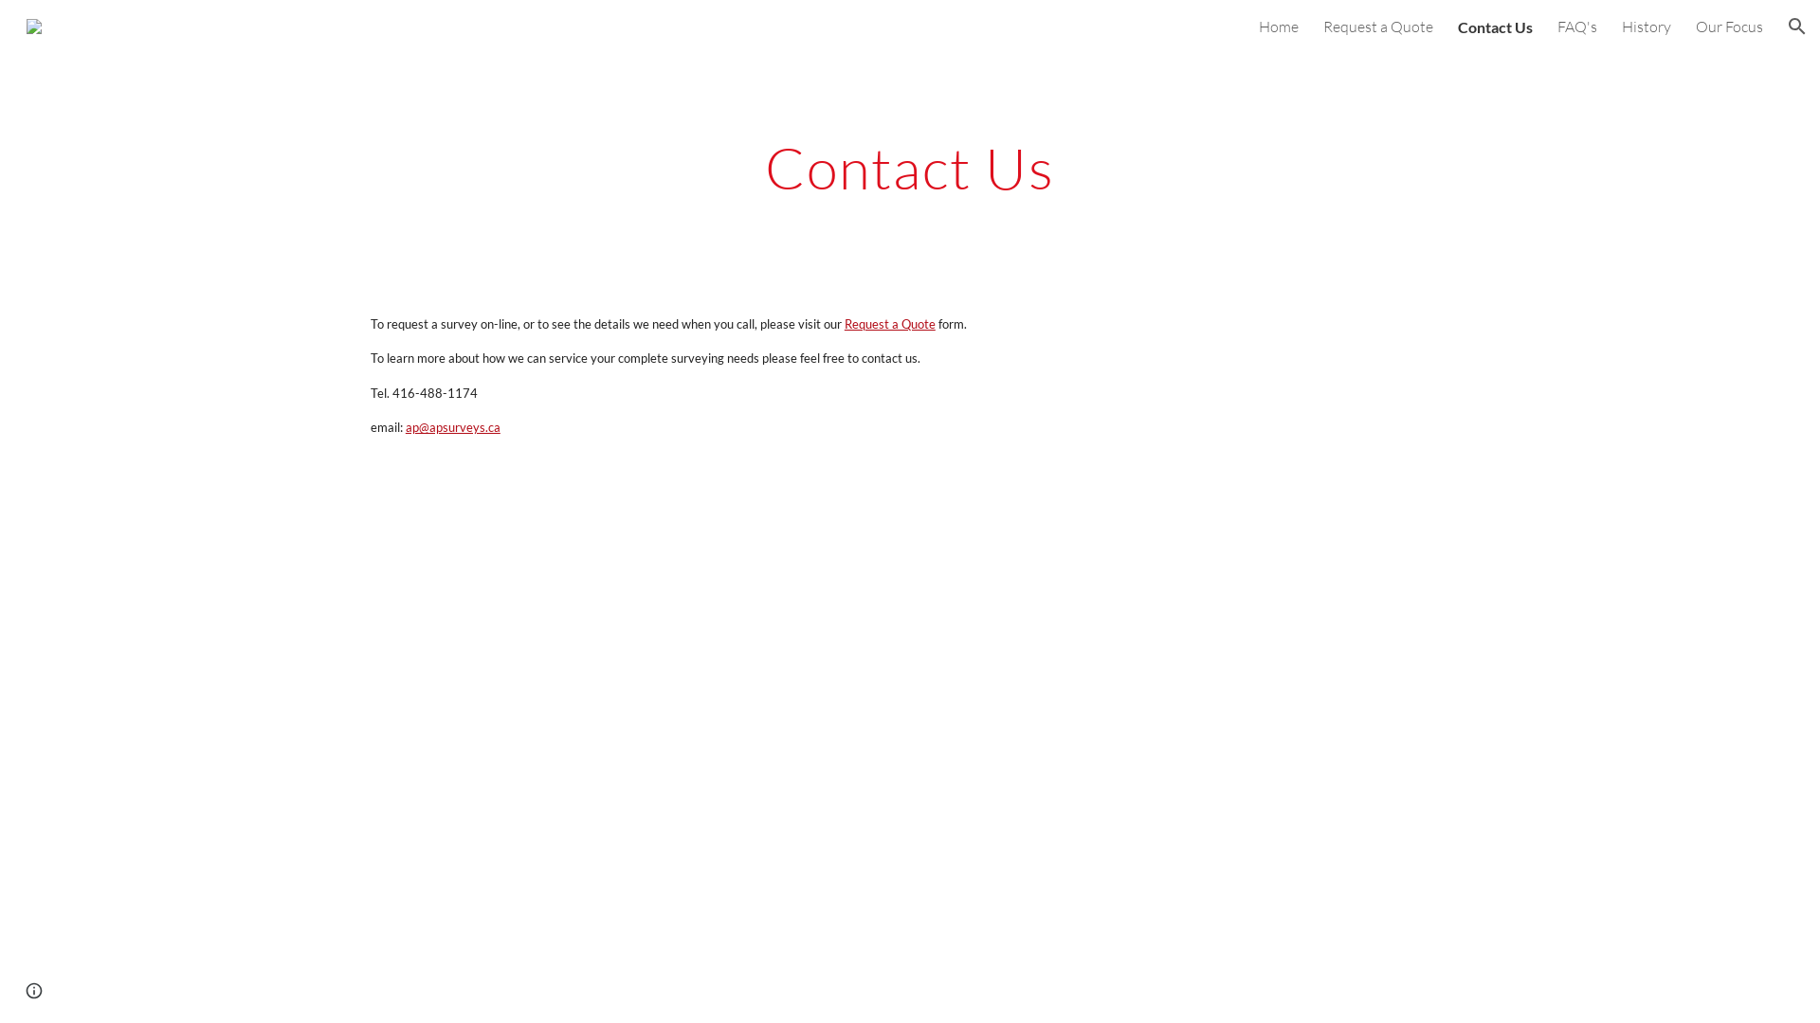 Image resolution: width=1820 pixels, height=1023 pixels. What do you see at coordinates (1577, 26) in the screenshot?
I see `'FAQ's'` at bounding box center [1577, 26].